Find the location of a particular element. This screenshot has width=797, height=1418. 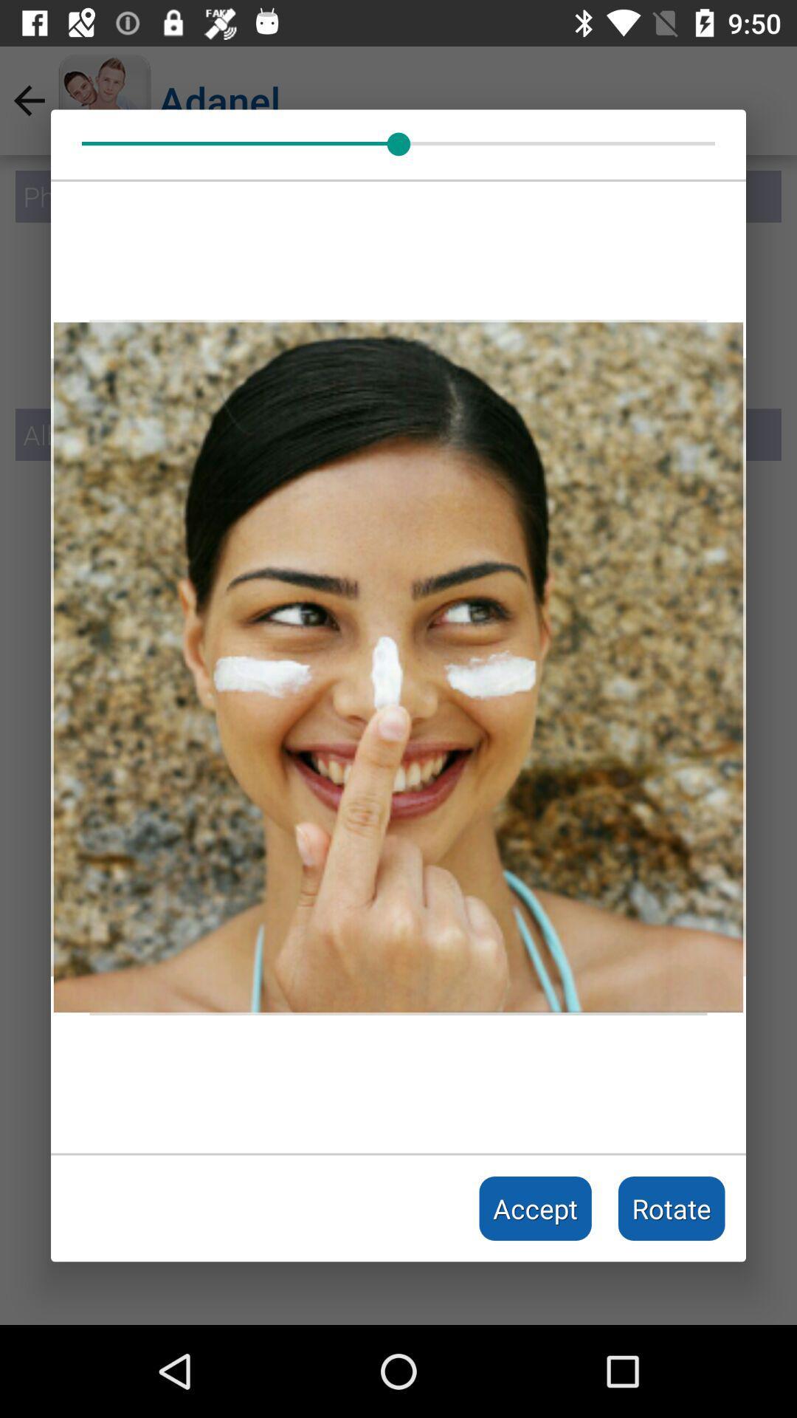

the accept is located at coordinates (535, 1208).